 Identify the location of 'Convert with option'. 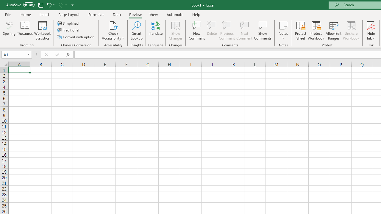
(76, 37).